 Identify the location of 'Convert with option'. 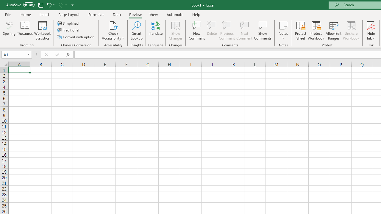
(76, 37).